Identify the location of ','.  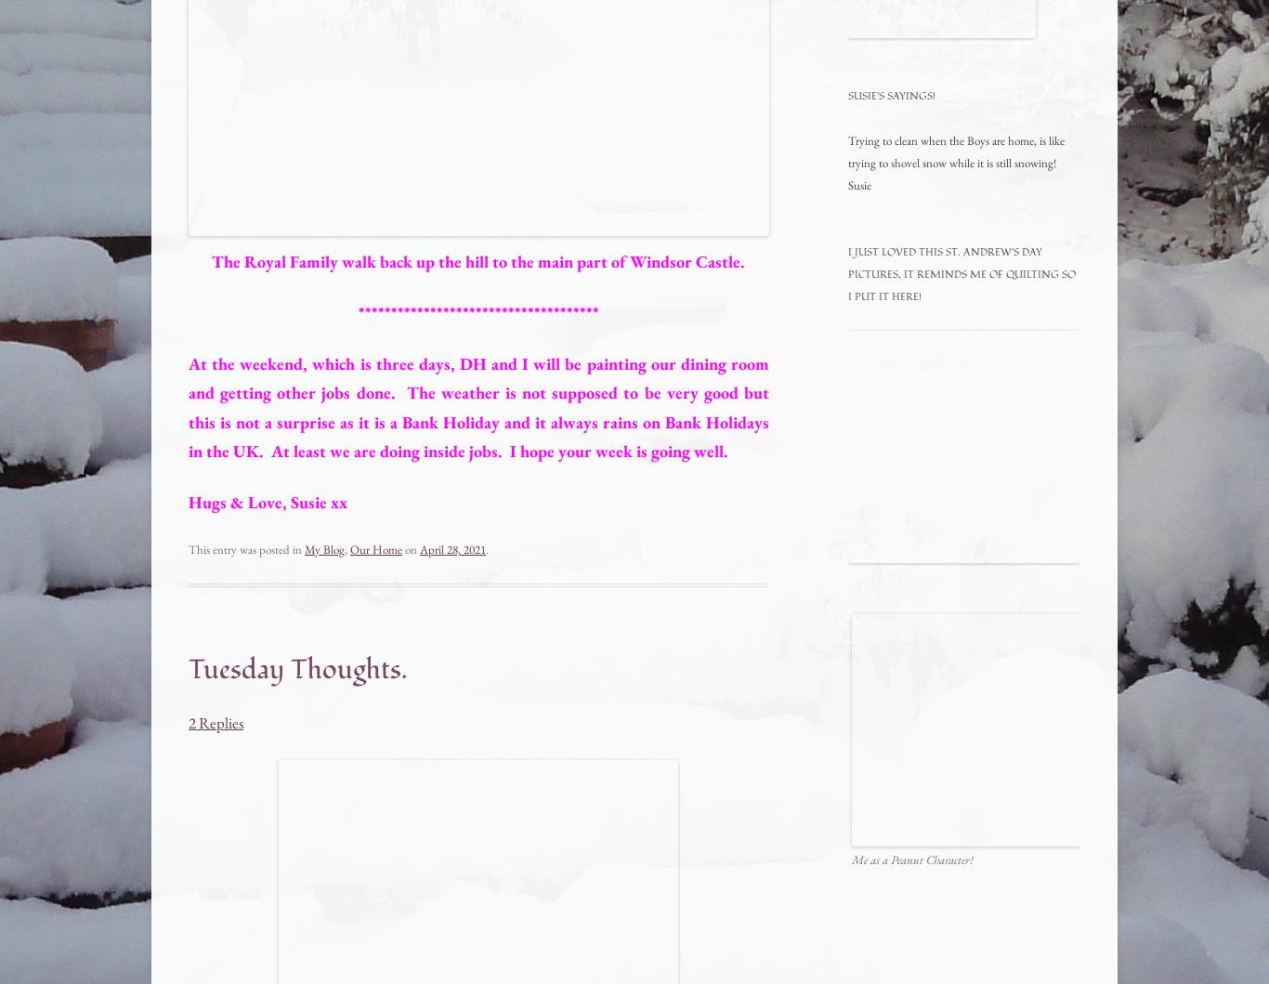
(347, 548).